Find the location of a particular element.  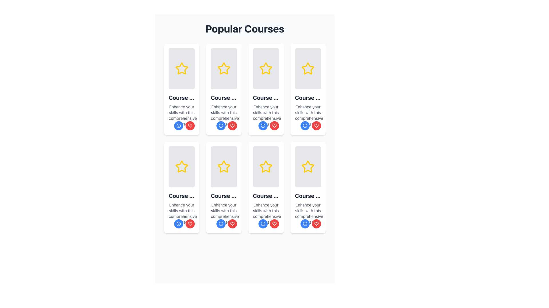

the circular 'info' icon button outlined in blue, located in the second row and second column of the grid of course cards is located at coordinates (220, 125).